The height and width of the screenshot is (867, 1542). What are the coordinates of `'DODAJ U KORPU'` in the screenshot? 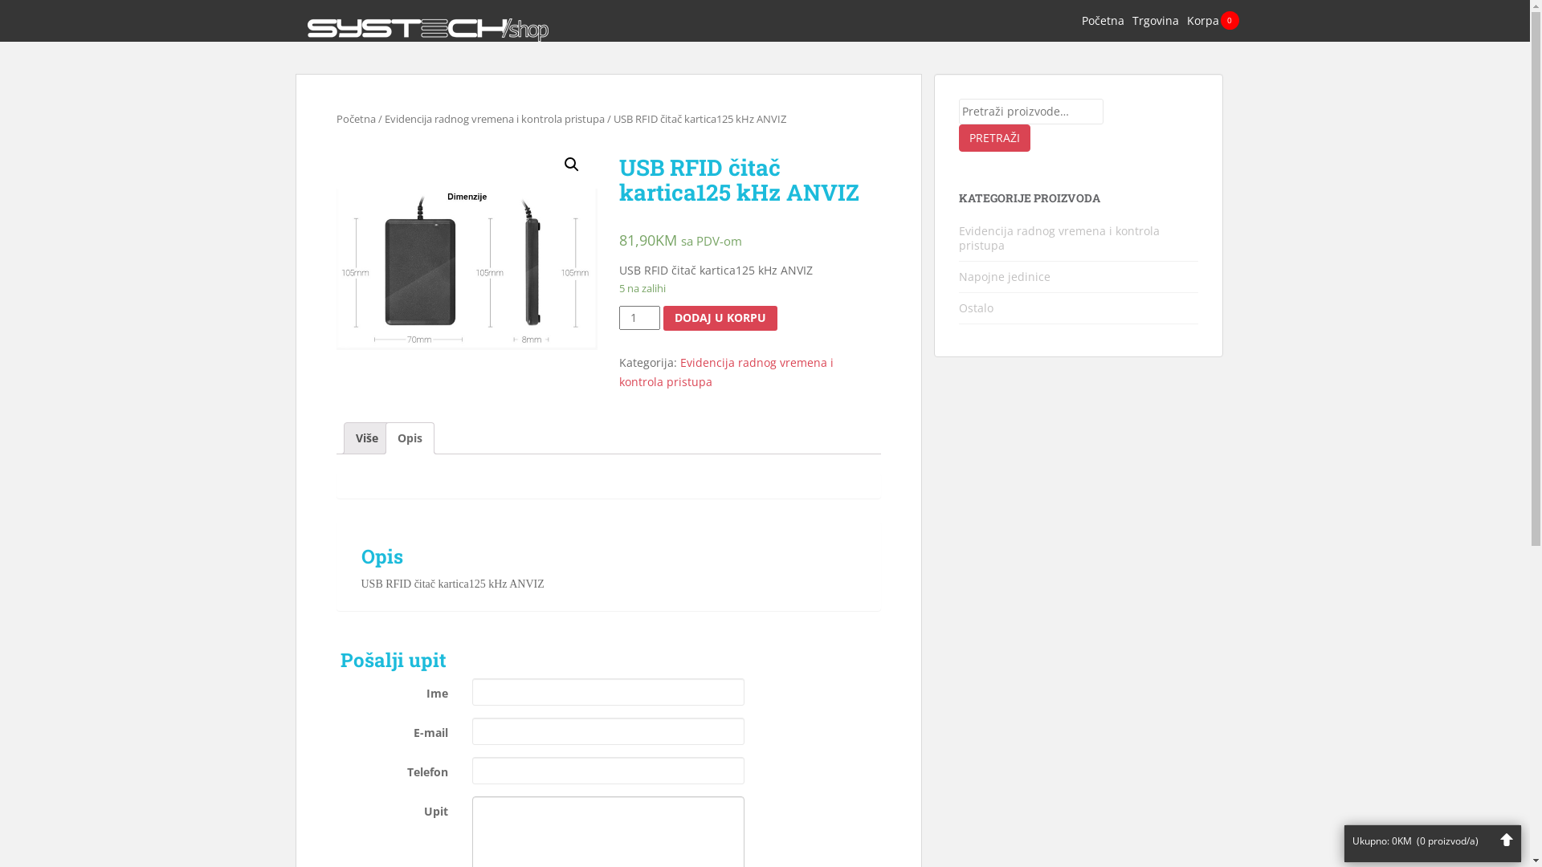 It's located at (720, 318).